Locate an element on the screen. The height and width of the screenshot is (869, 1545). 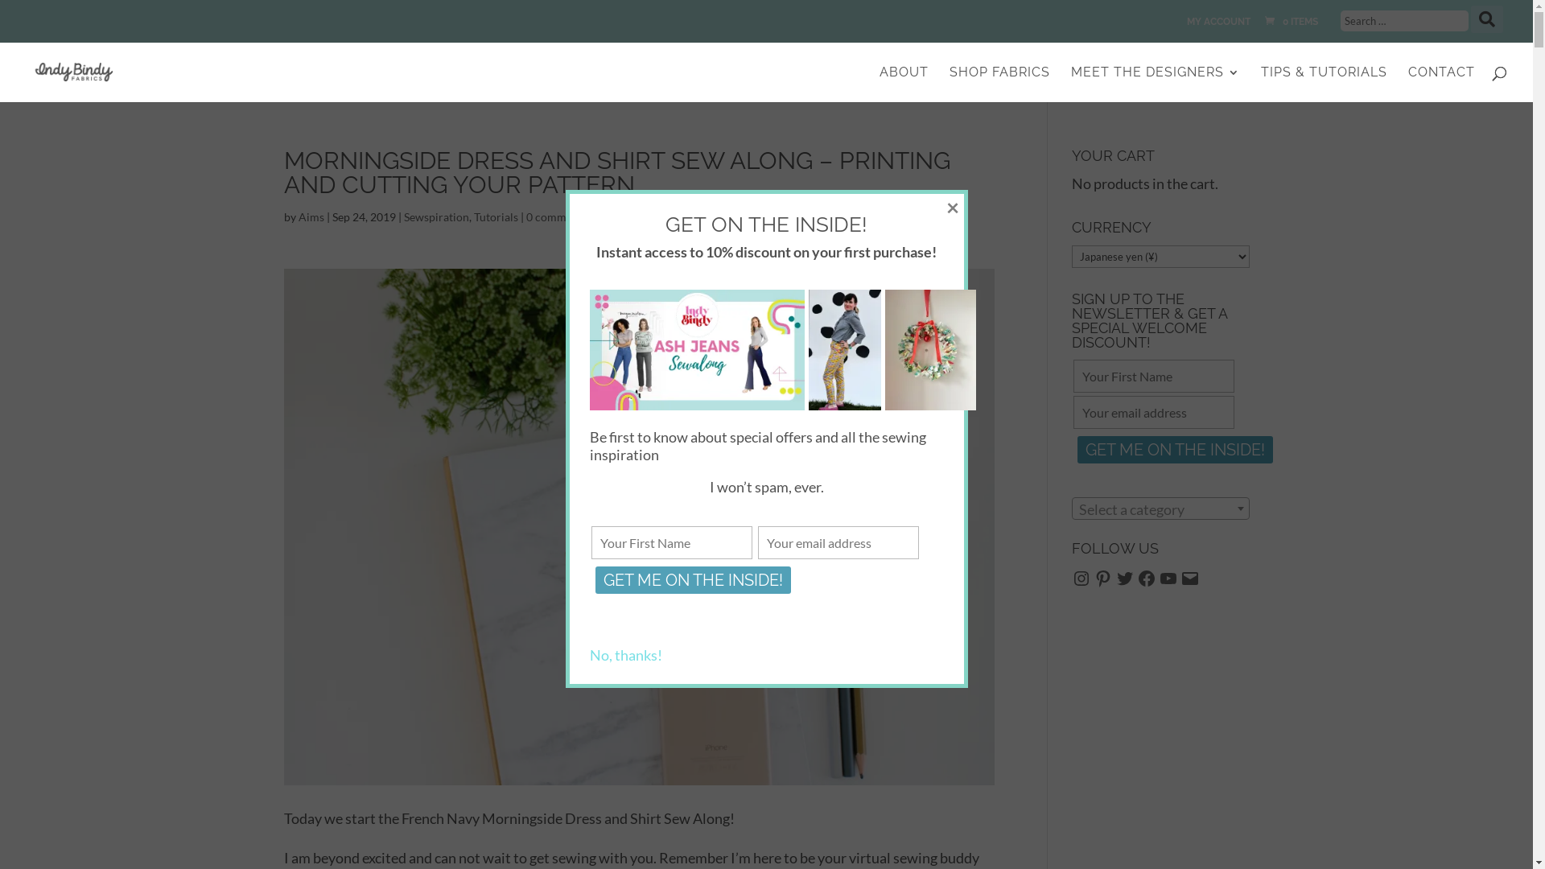
'TIPS & TUTORIALS' is located at coordinates (1324, 84).